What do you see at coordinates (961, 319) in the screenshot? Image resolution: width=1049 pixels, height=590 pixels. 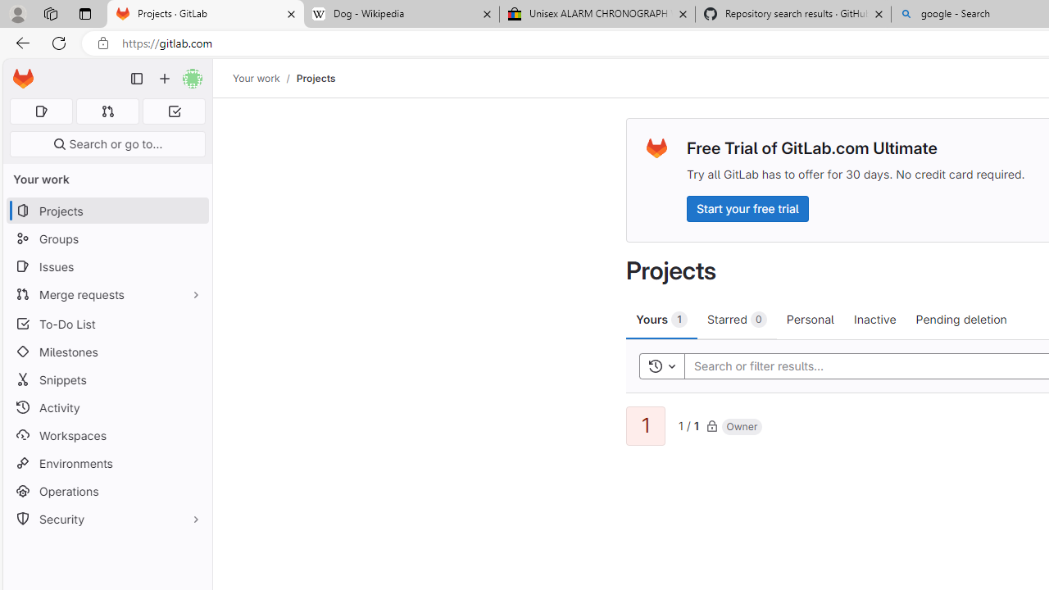 I see `'Pending deletion'` at bounding box center [961, 319].